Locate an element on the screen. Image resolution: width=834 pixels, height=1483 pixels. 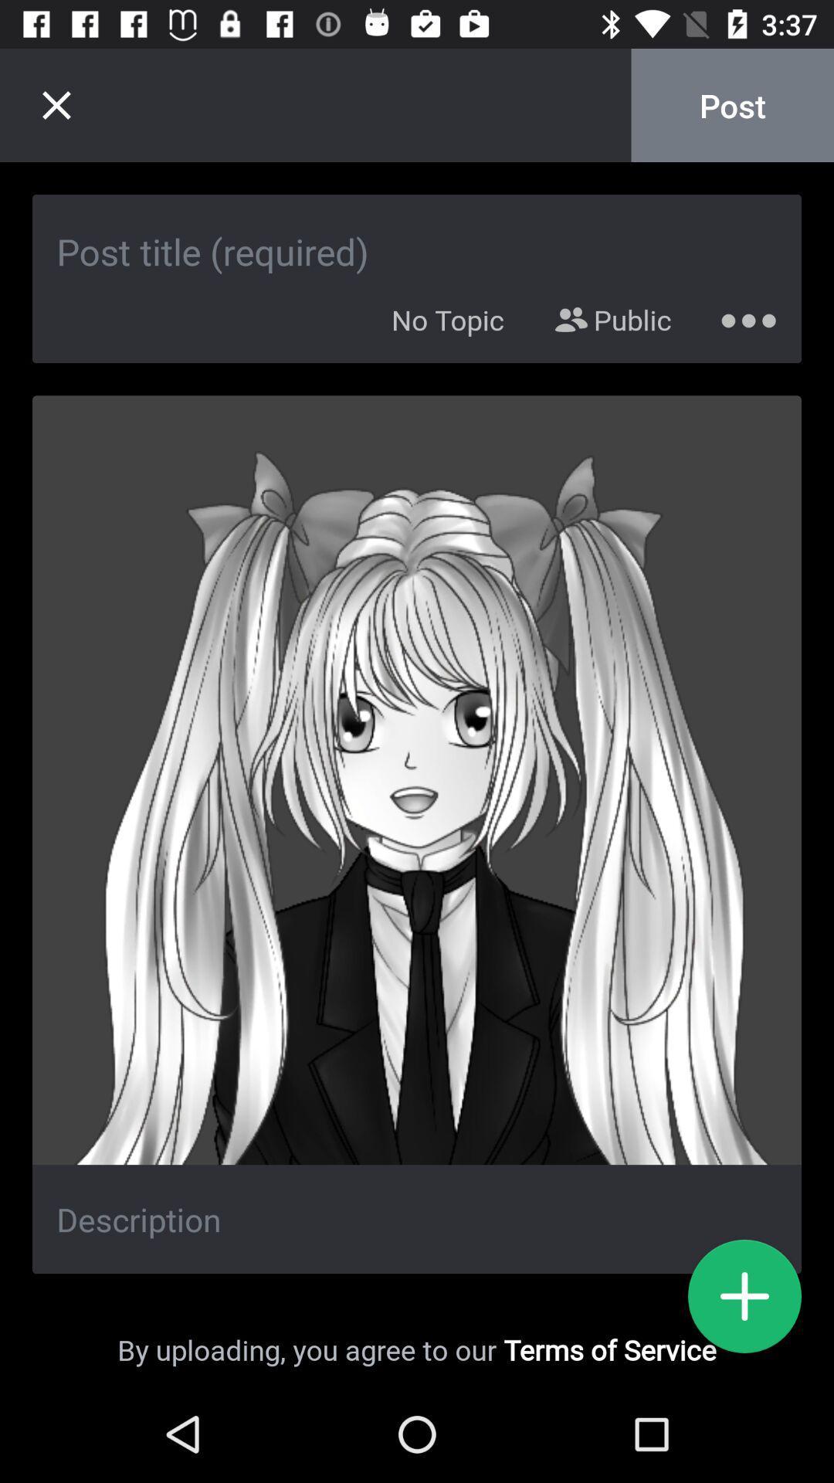
the close icon is located at coordinates (56, 104).